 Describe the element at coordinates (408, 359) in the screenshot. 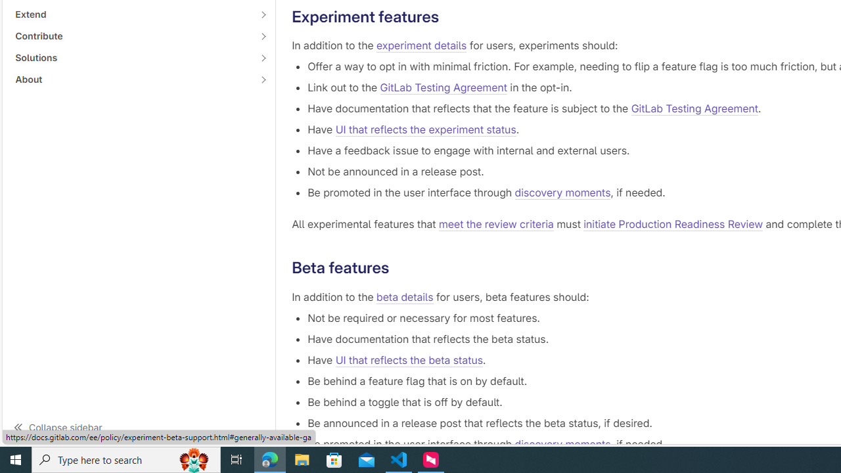

I see `'UI that reflects the beta status'` at that location.